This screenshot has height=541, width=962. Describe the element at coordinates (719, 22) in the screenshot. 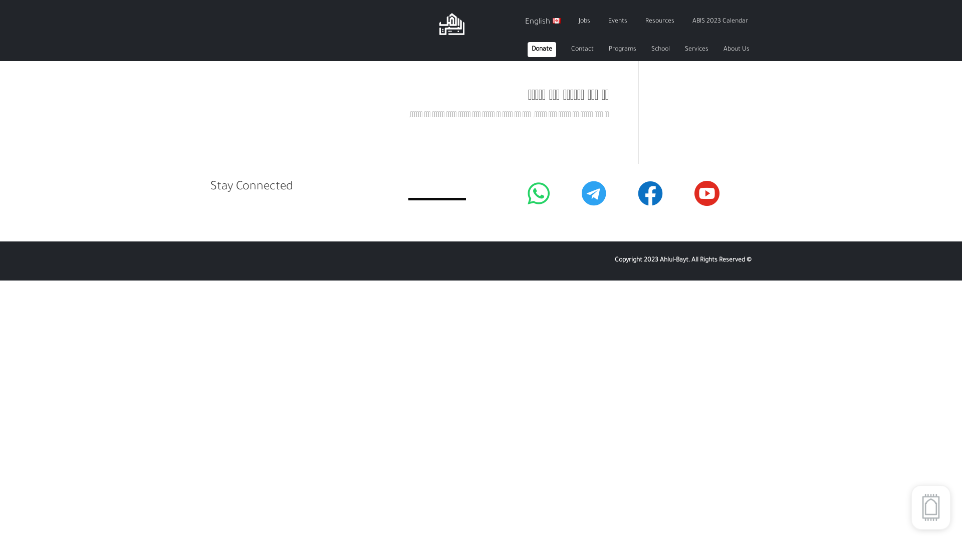

I see `'ABIS 2023 Calendar'` at that location.